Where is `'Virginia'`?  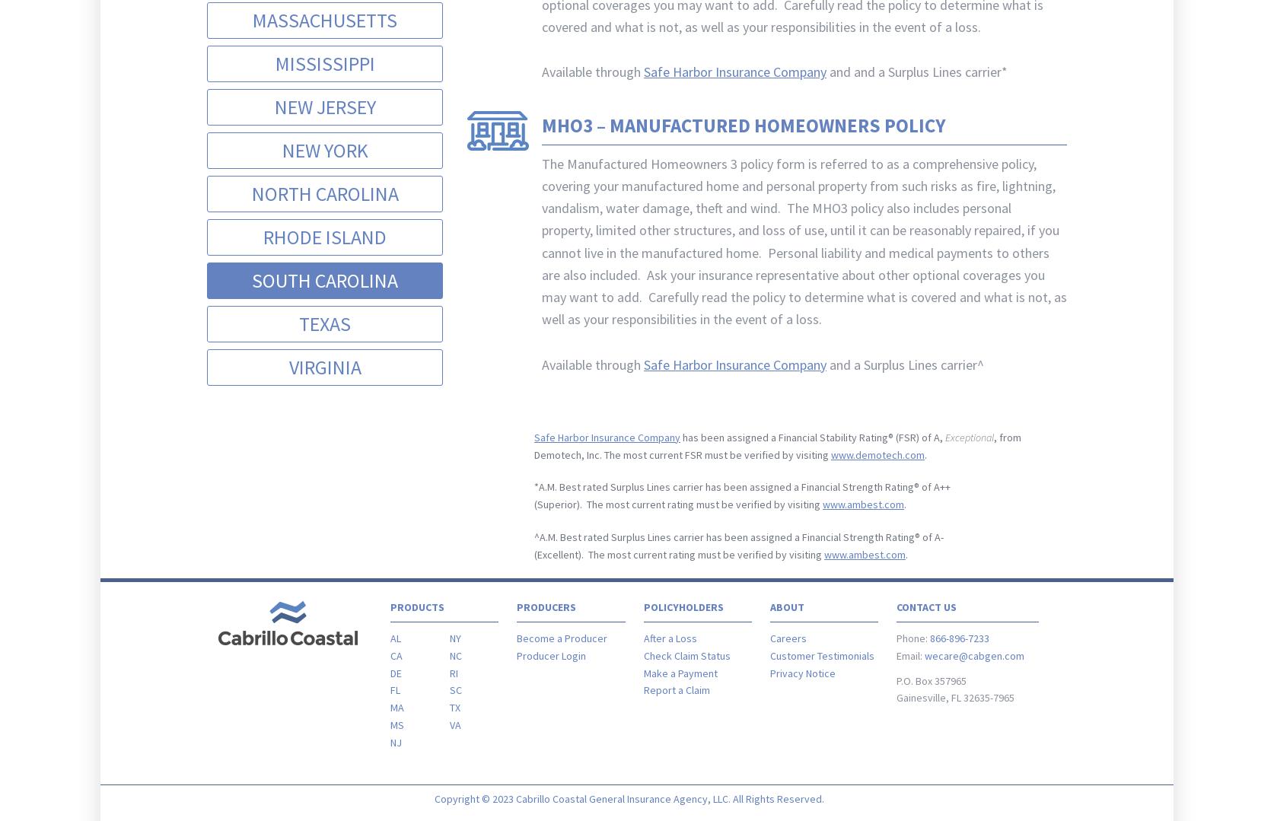
'Virginia' is located at coordinates (323, 365).